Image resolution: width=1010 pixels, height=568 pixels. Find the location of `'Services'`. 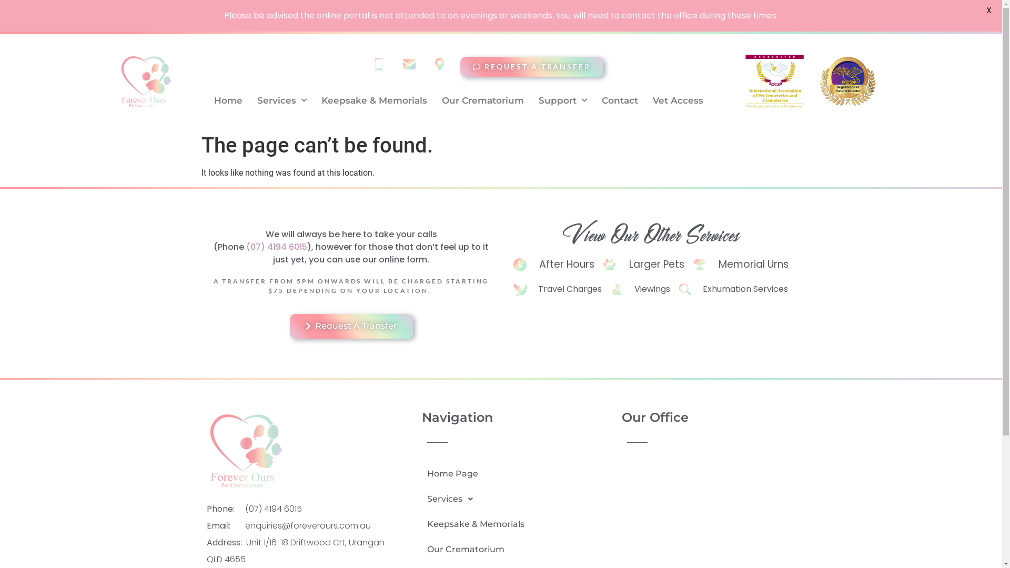

'Services' is located at coordinates (475, 498).